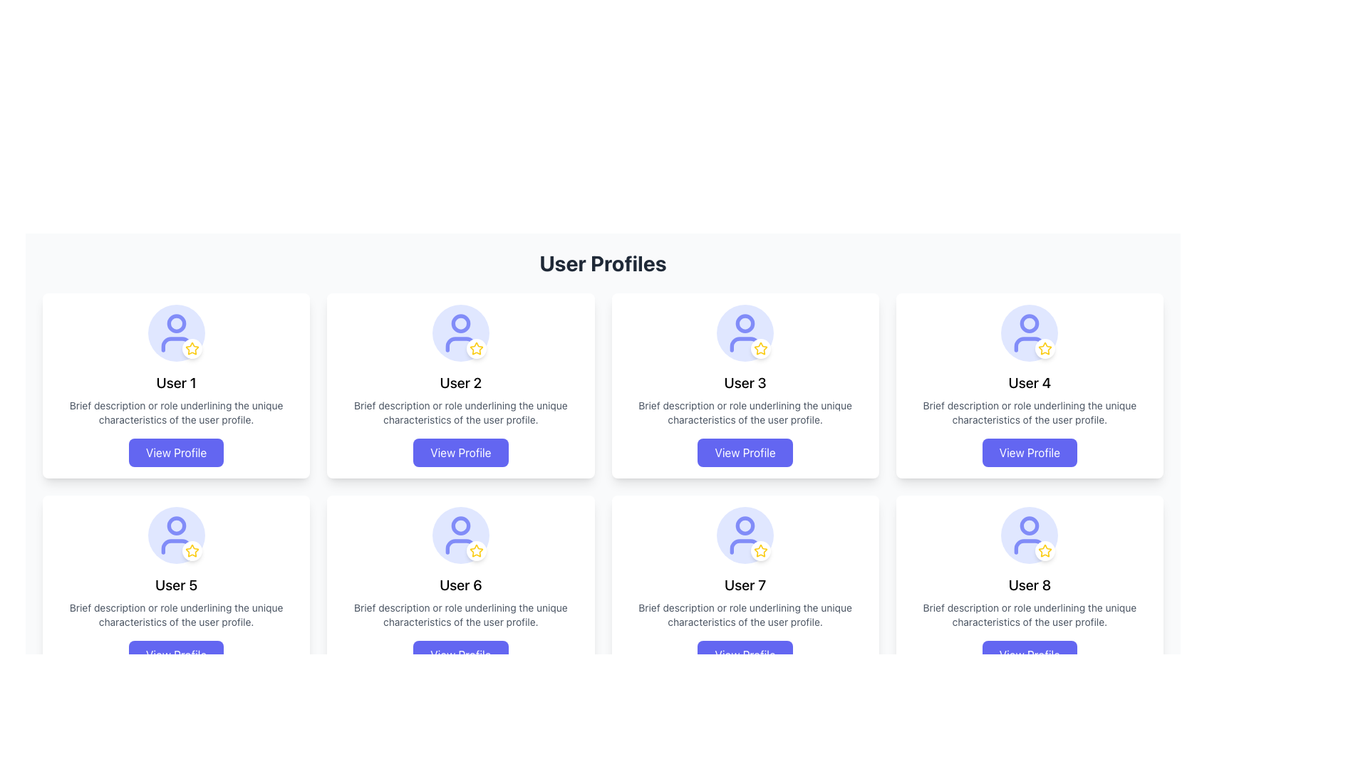 This screenshot has height=769, width=1368. Describe the element at coordinates (760, 550) in the screenshot. I see `the icon button located at the bottom-right corner of the purple user icon associated with User 7 in the User Profiles grid to mark the user as featured or a favorite` at that location.